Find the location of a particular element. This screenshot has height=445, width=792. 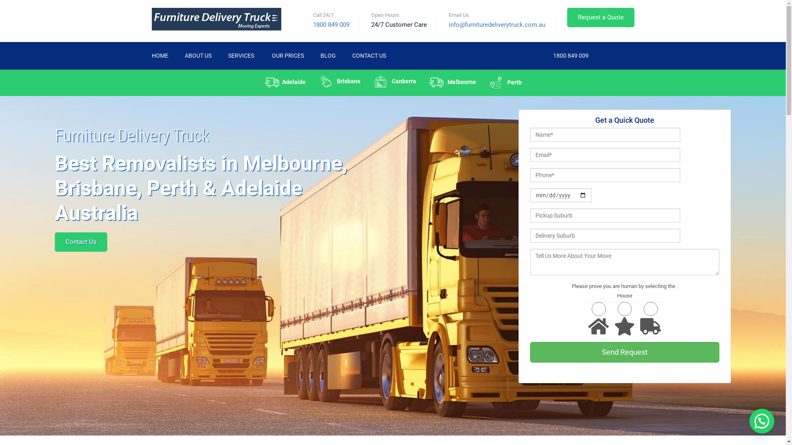

'CONTACT US' is located at coordinates (368, 56).